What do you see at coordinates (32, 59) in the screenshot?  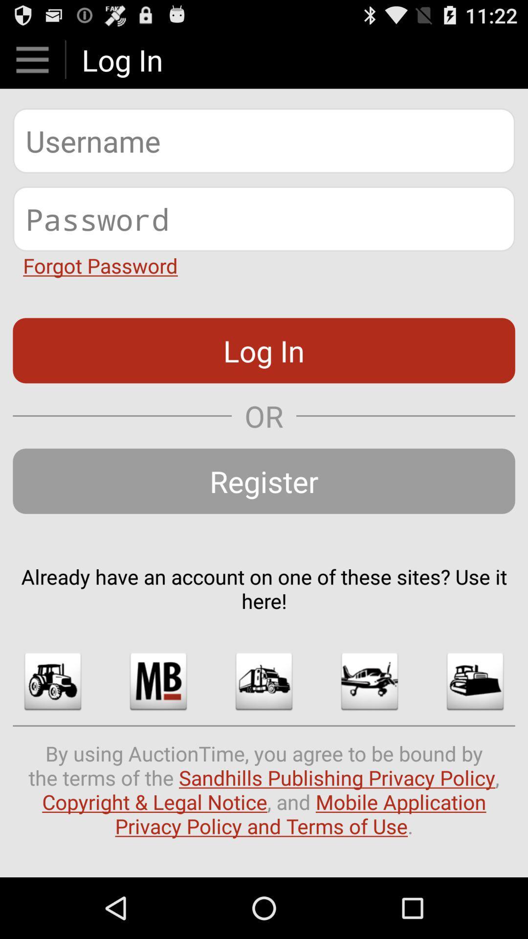 I see `open the main menu` at bounding box center [32, 59].